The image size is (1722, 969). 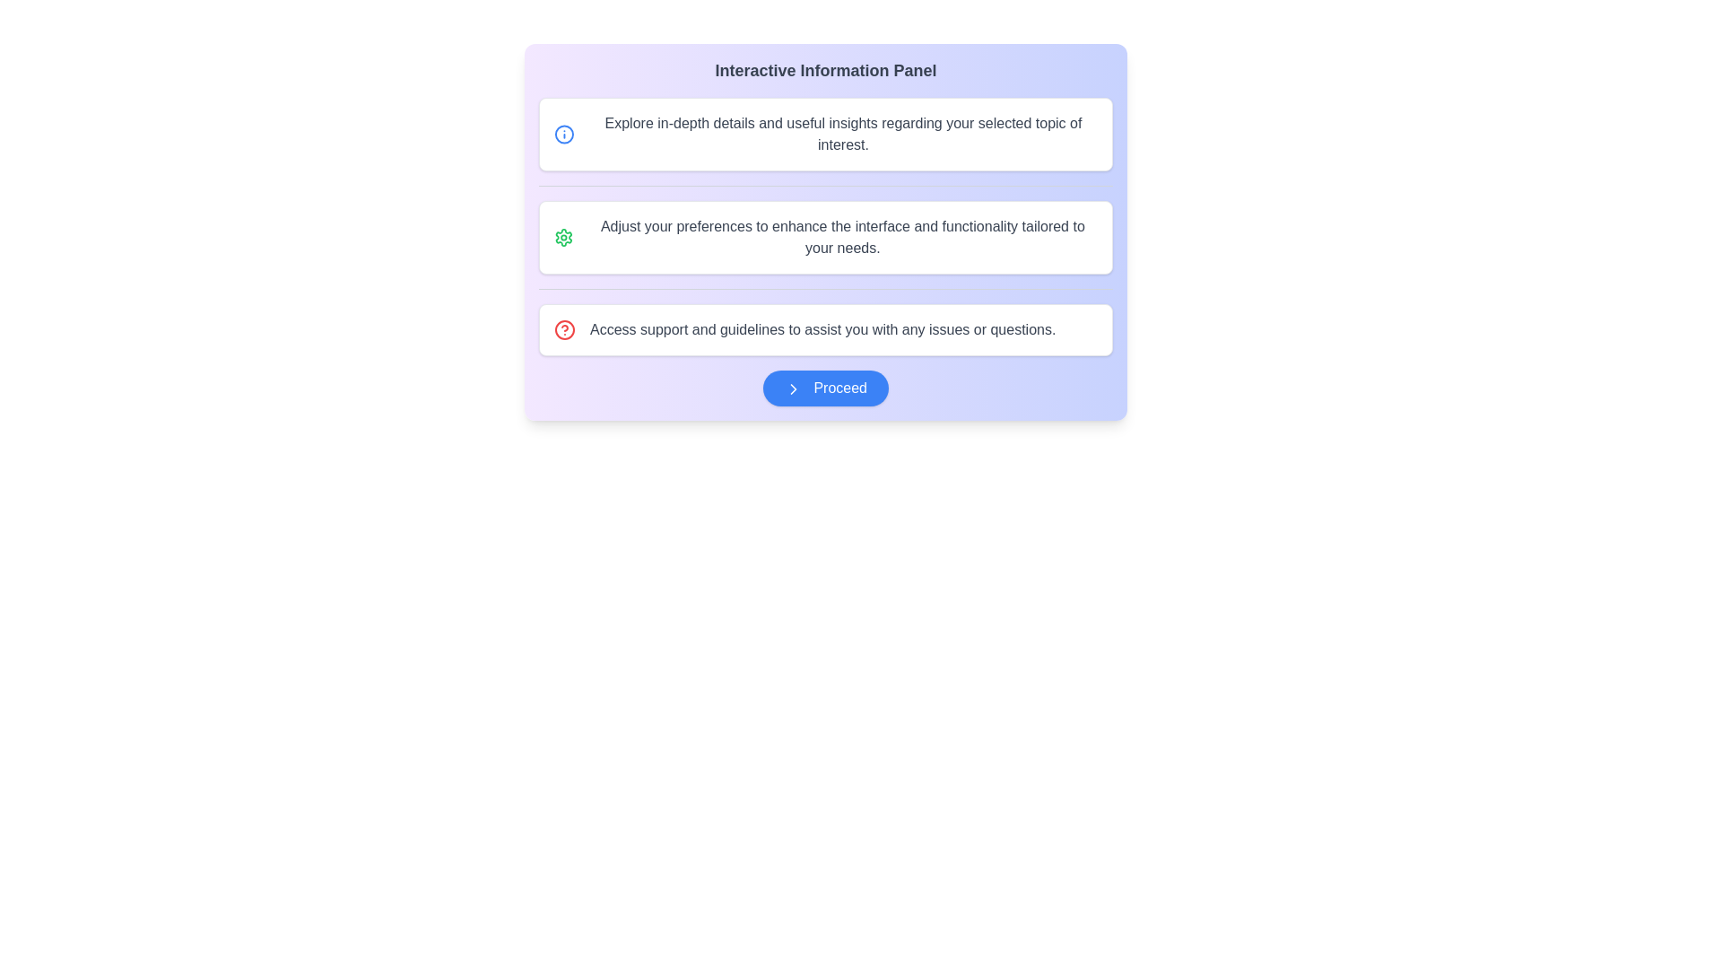 I want to click on the informative text content located at the bottom of the interface, directly below the question mark icon, so click(x=822, y=329).